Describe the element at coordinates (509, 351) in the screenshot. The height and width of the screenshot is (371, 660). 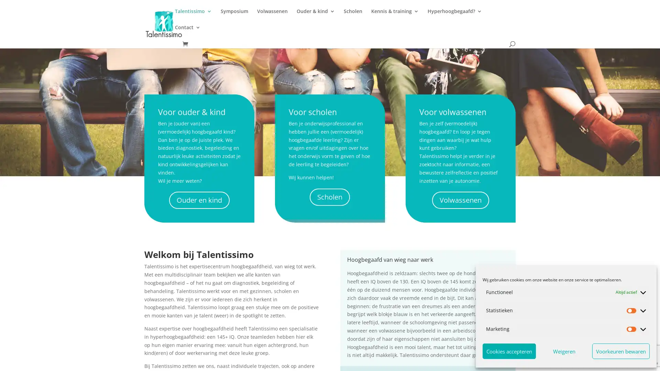
I see `Cookies accepteren` at that location.